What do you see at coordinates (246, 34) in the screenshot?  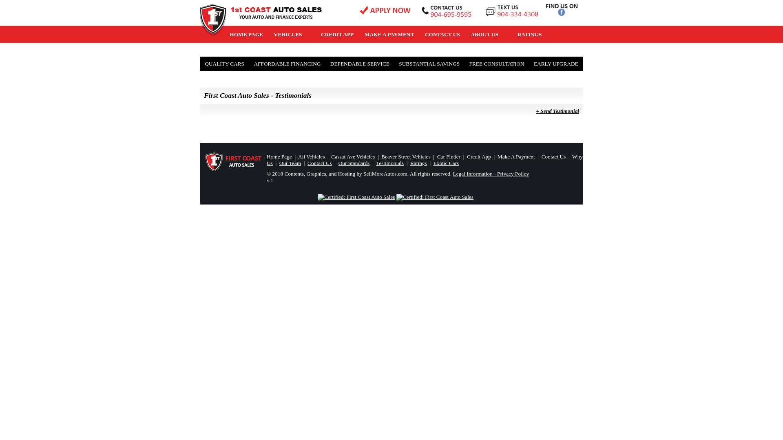 I see `'HOME PAGE'` at bounding box center [246, 34].